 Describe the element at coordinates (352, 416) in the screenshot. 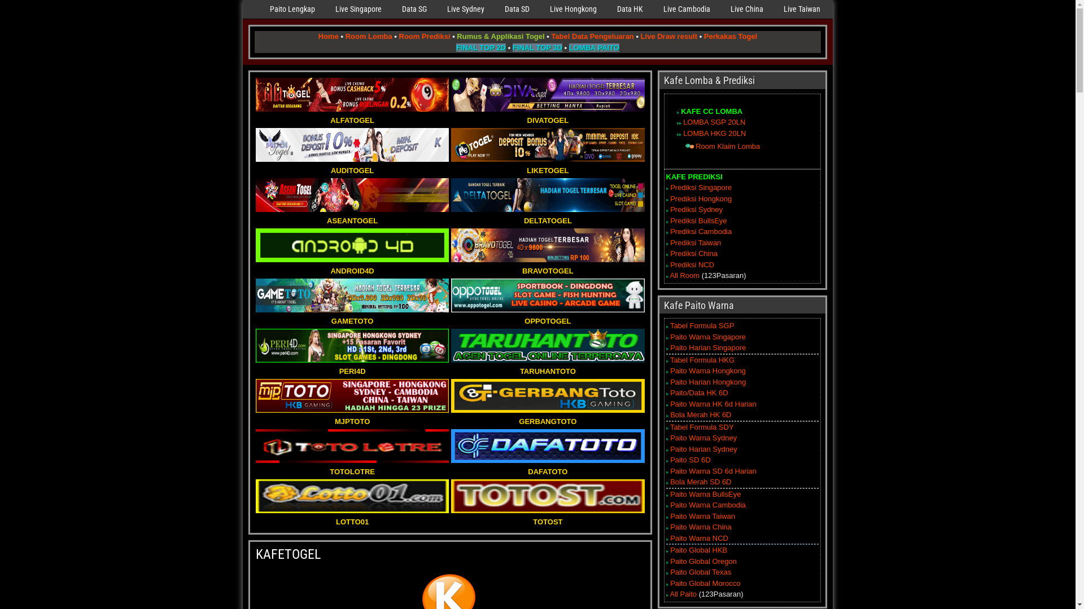

I see `'MJPTOTO'` at that location.